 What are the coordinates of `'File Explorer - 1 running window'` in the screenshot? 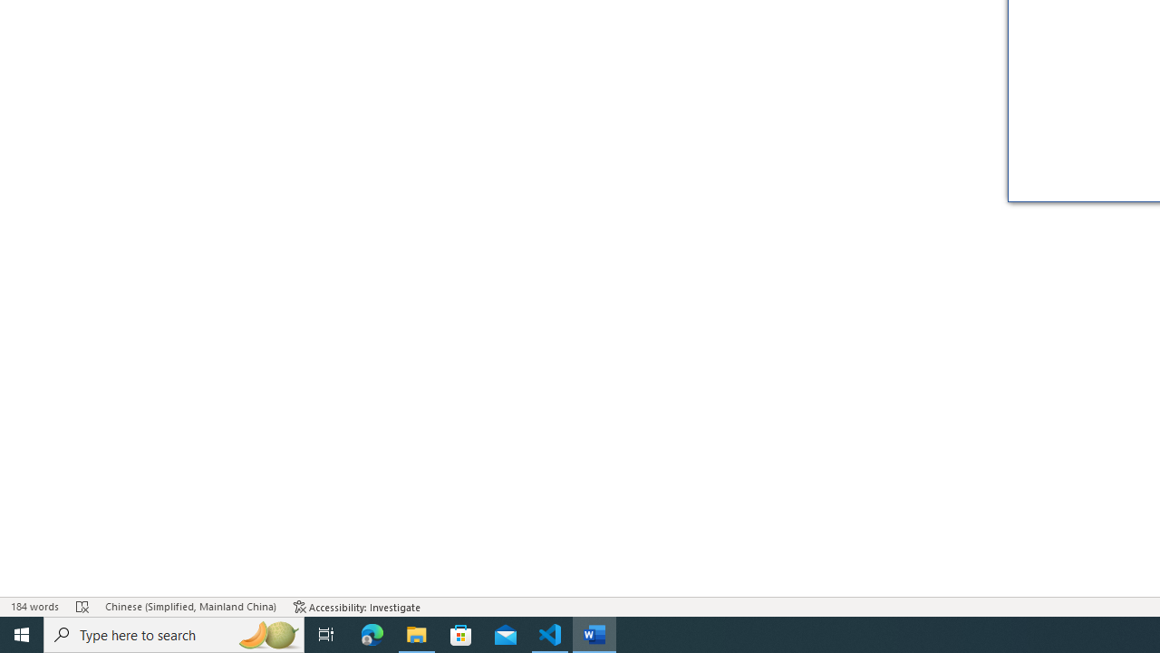 It's located at (416, 633).